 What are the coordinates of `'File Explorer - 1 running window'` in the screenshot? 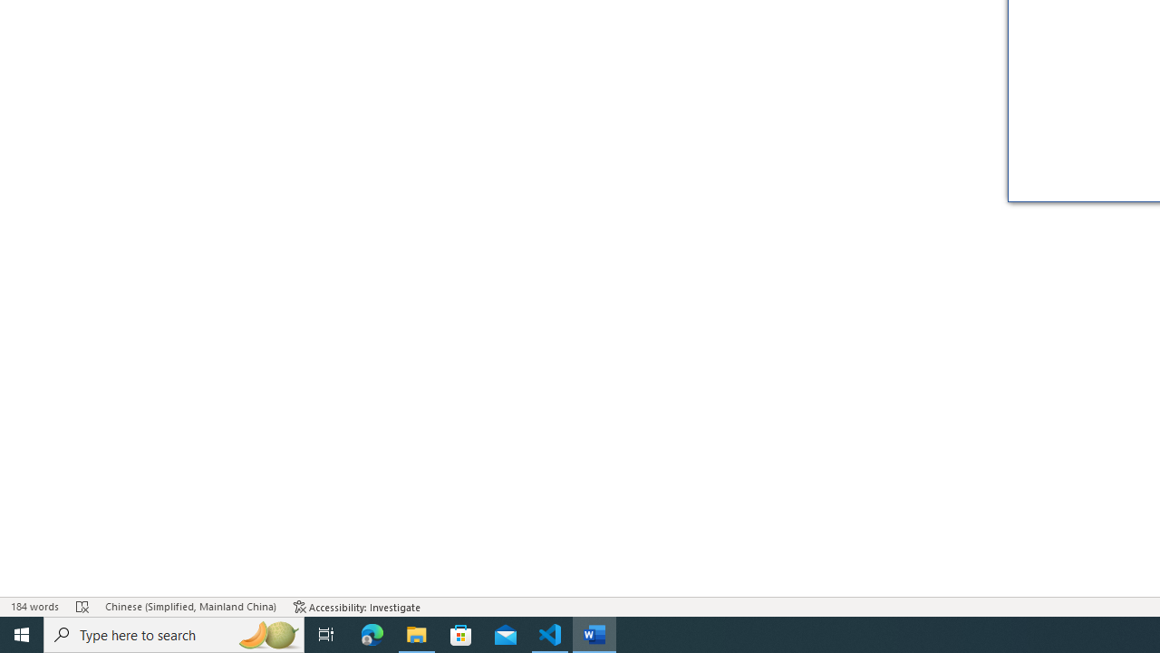 It's located at (416, 633).